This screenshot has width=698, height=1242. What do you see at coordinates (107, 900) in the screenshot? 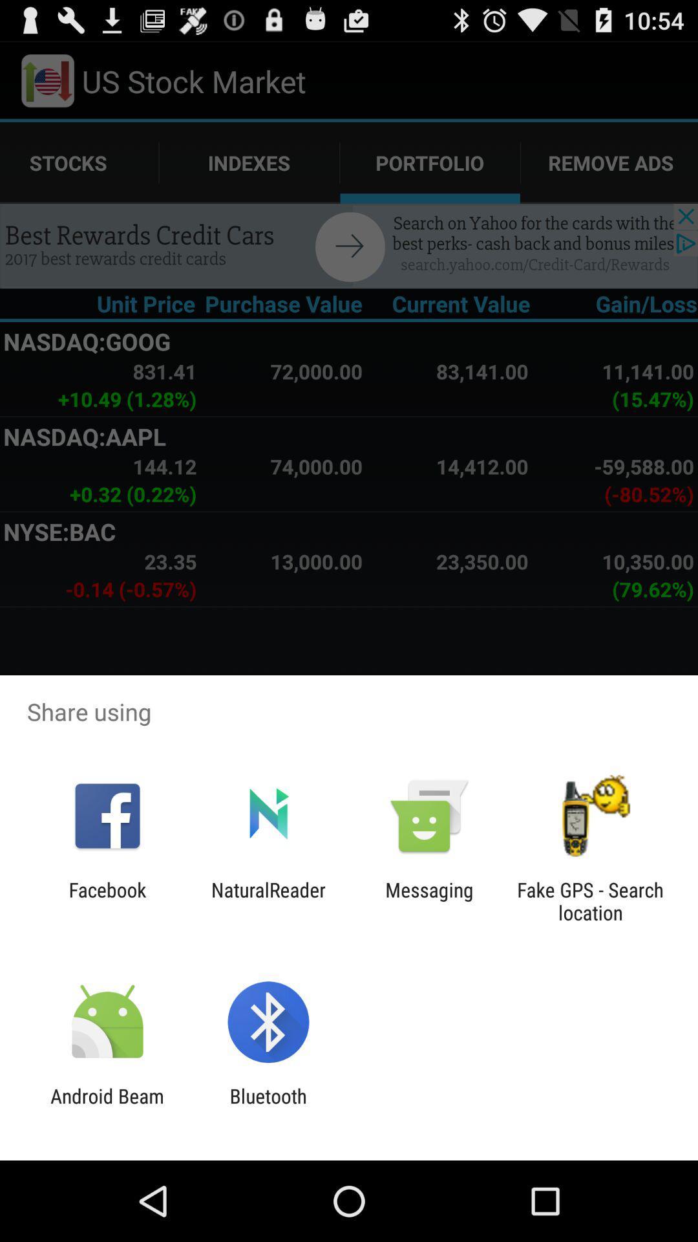
I see `the facebook item` at bounding box center [107, 900].